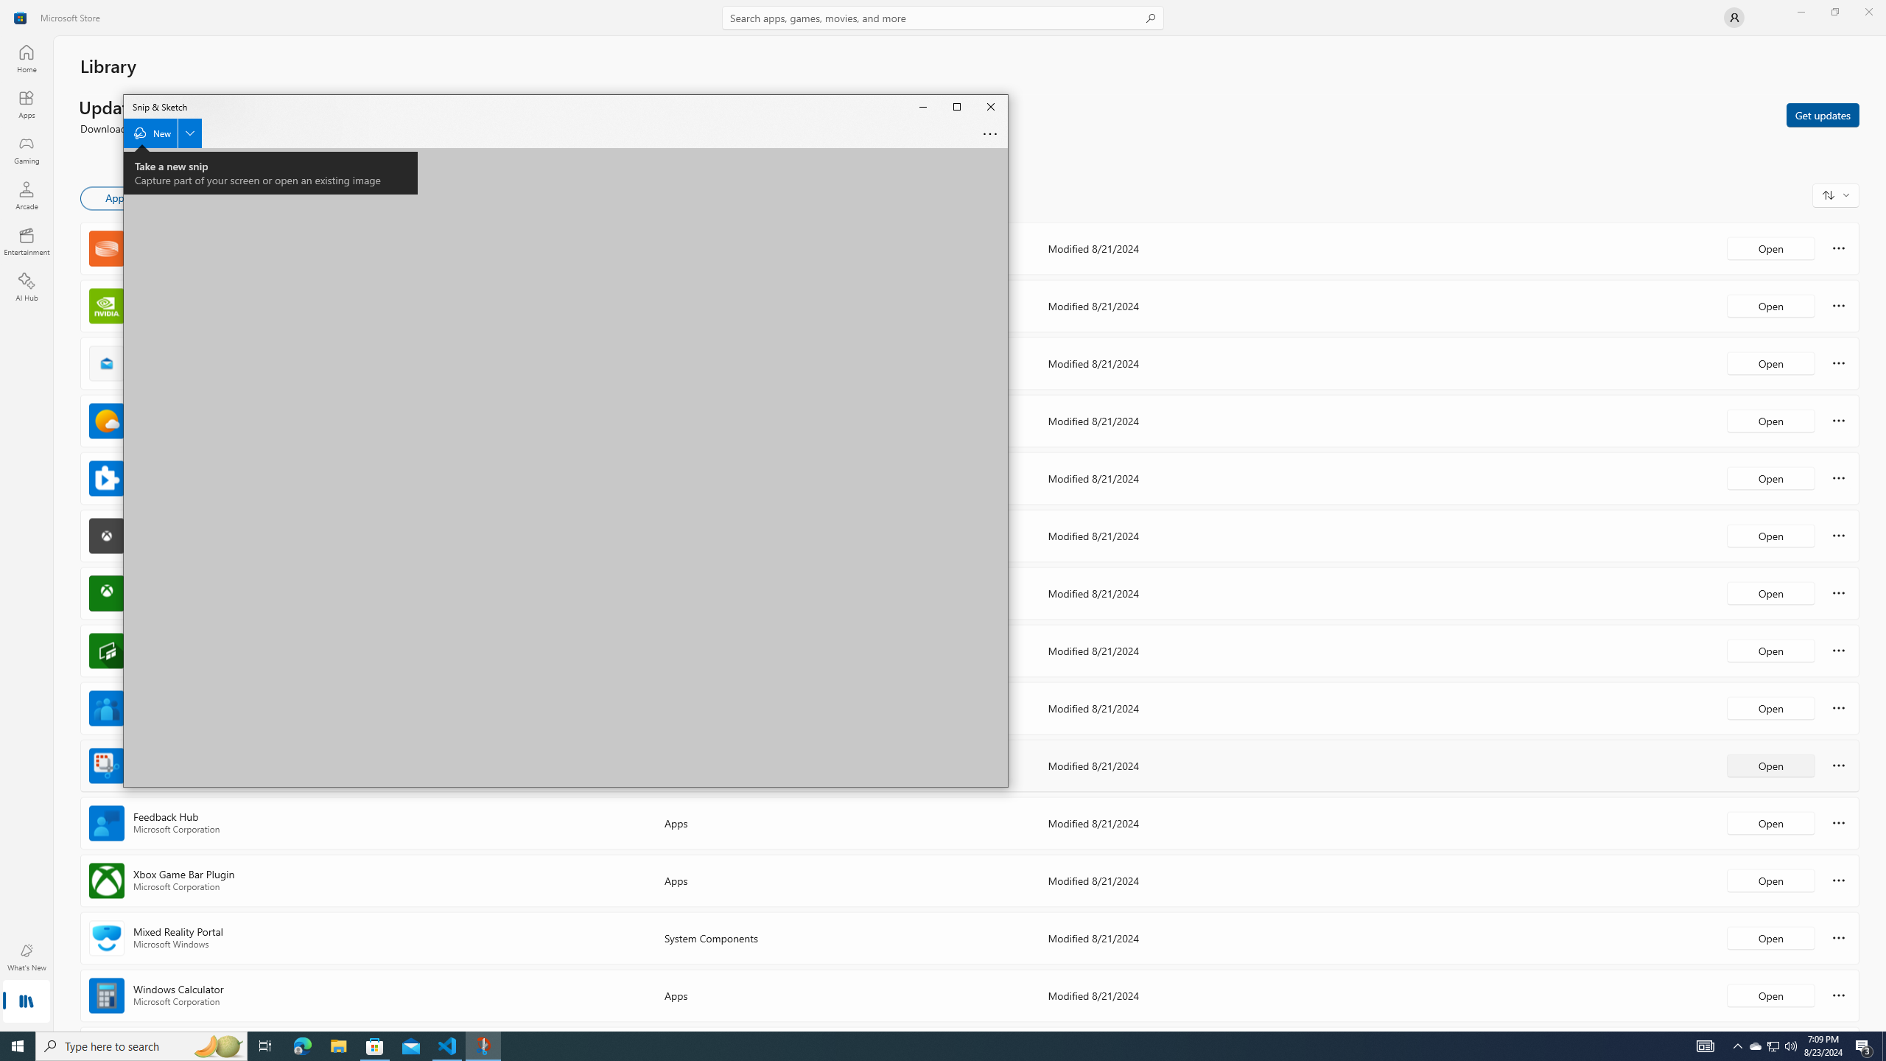  I want to click on 'Minimize Microsoft Store', so click(1800, 11).